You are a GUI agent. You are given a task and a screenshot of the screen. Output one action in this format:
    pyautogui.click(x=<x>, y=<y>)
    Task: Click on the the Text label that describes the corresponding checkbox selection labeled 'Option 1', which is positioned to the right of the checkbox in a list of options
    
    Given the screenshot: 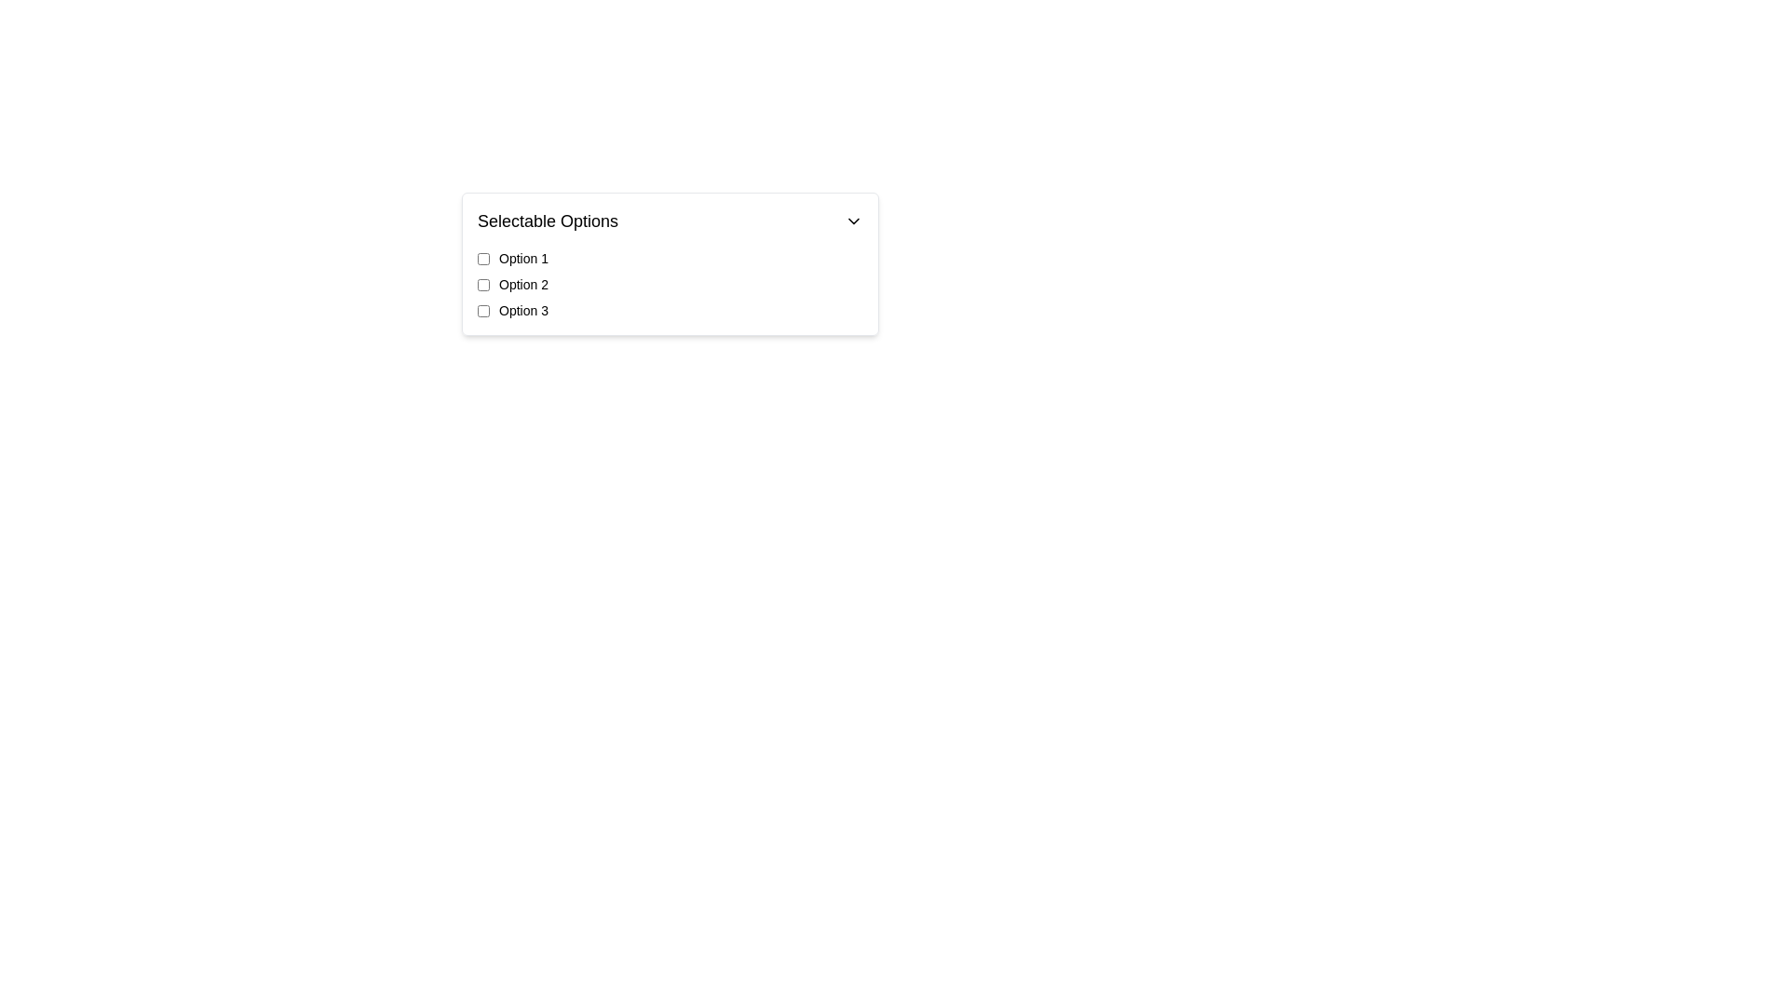 What is the action you would take?
    pyautogui.click(x=522, y=258)
    